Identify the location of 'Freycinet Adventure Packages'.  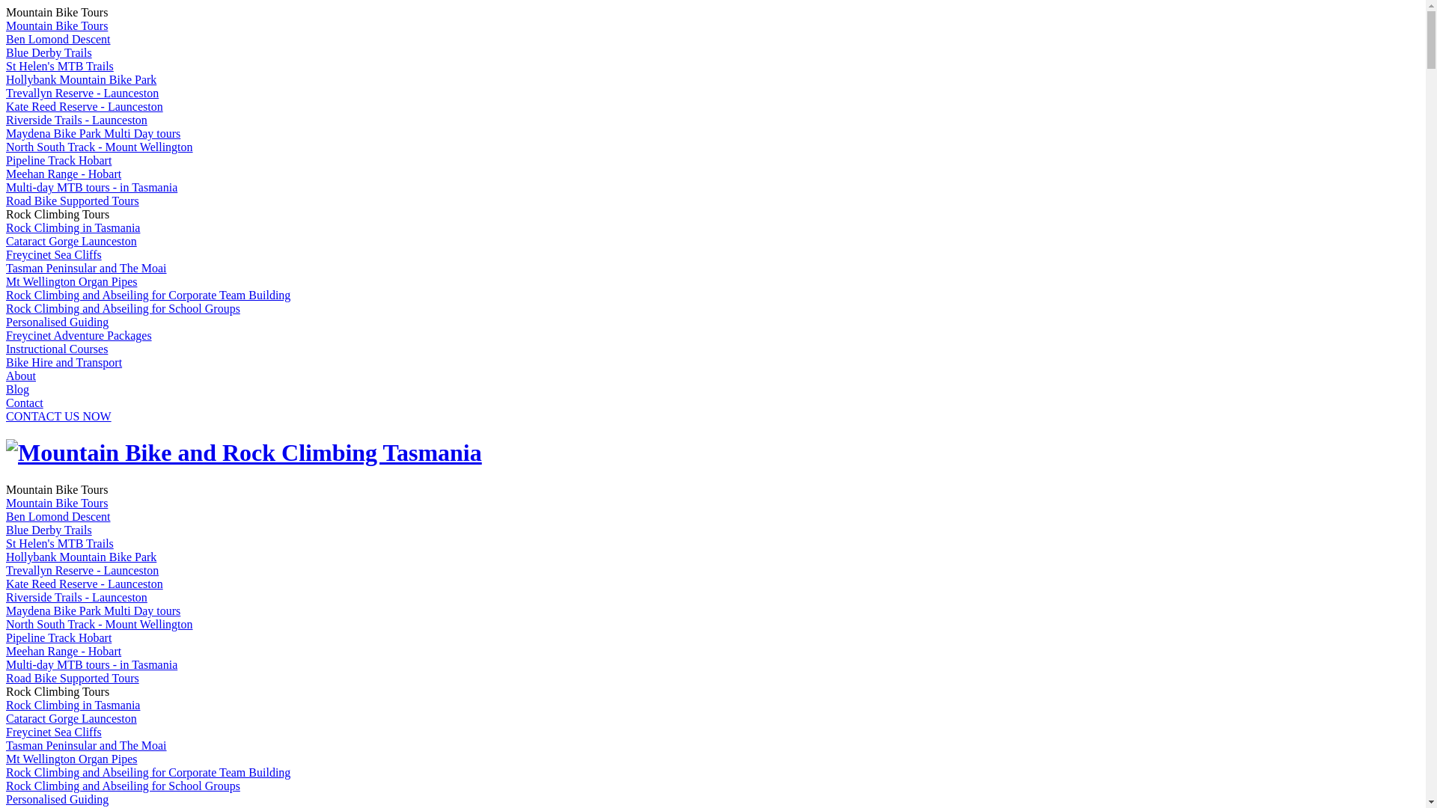
(78, 334).